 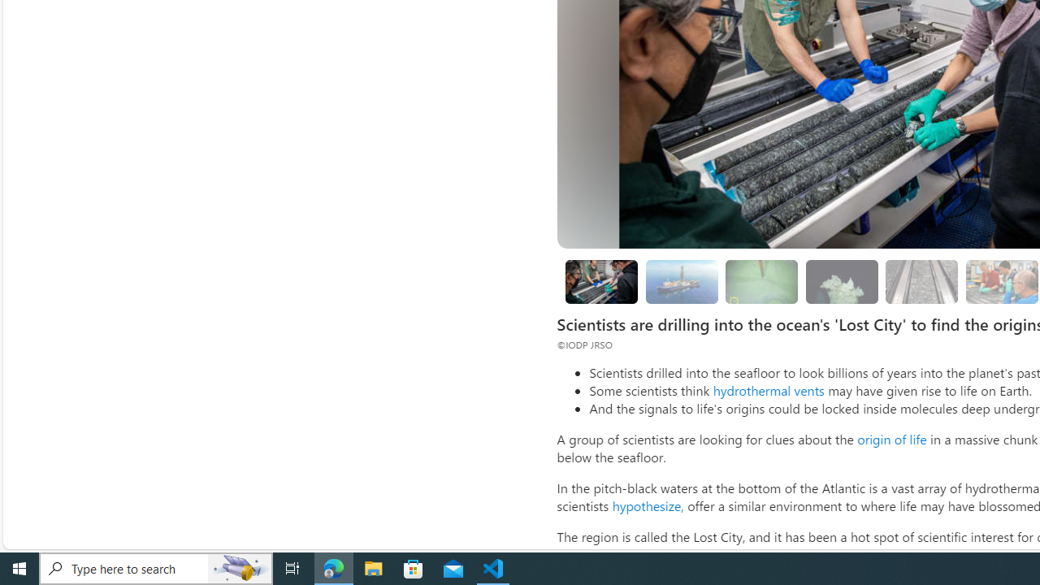 What do you see at coordinates (890, 439) in the screenshot?
I see `'origin of life'` at bounding box center [890, 439].